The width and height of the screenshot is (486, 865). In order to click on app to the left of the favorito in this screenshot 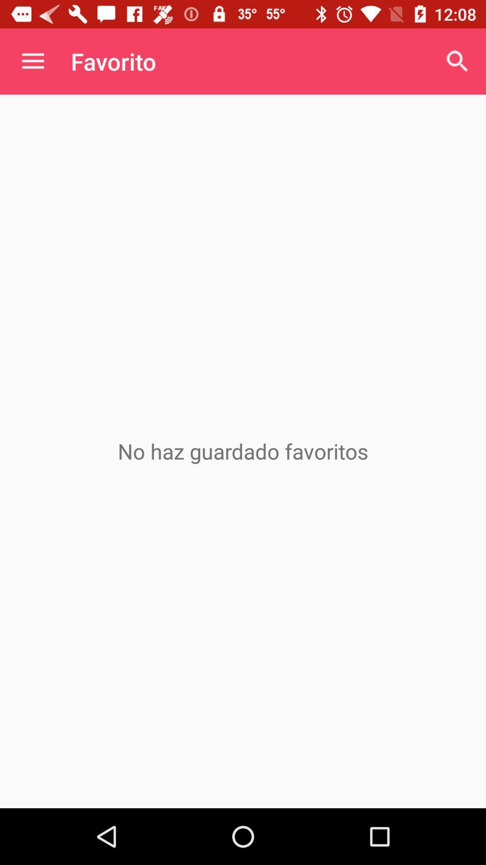, I will do `click(32, 61)`.